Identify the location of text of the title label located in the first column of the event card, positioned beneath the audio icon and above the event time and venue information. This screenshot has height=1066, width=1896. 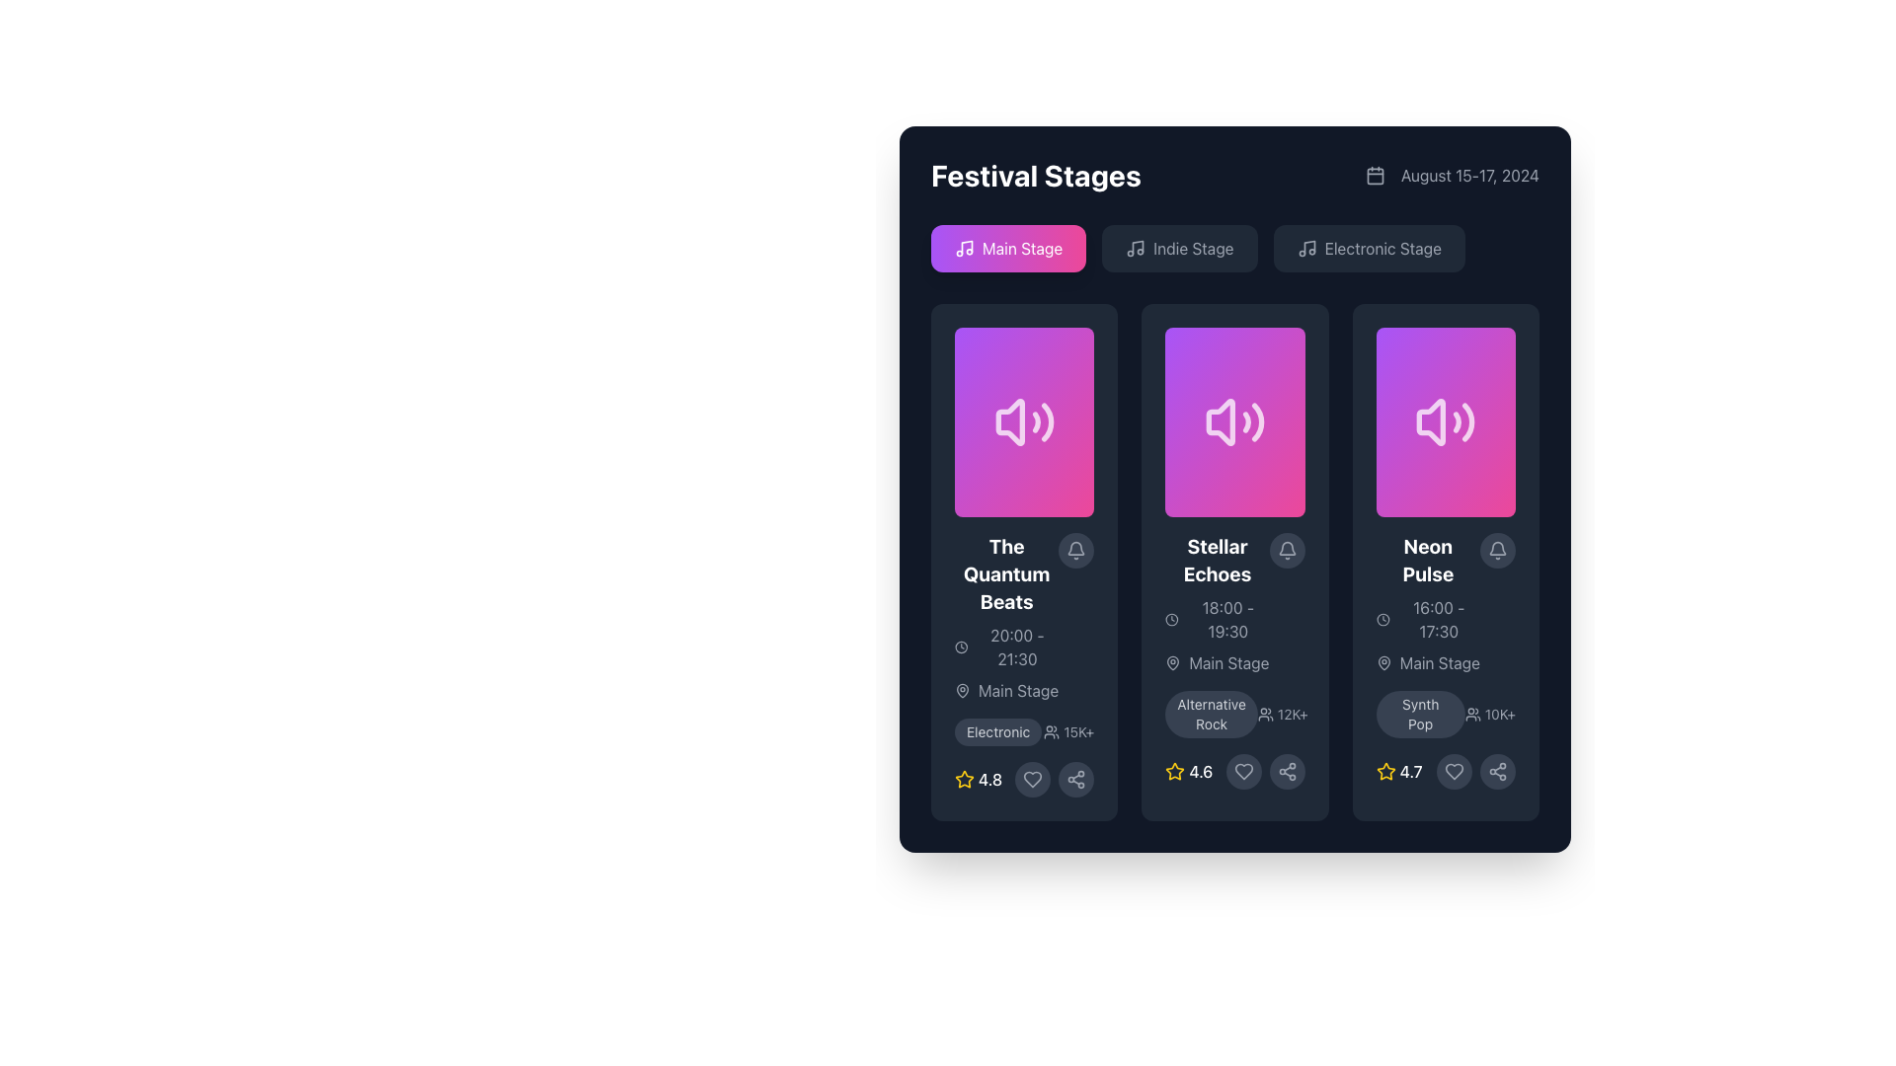
(1006, 574).